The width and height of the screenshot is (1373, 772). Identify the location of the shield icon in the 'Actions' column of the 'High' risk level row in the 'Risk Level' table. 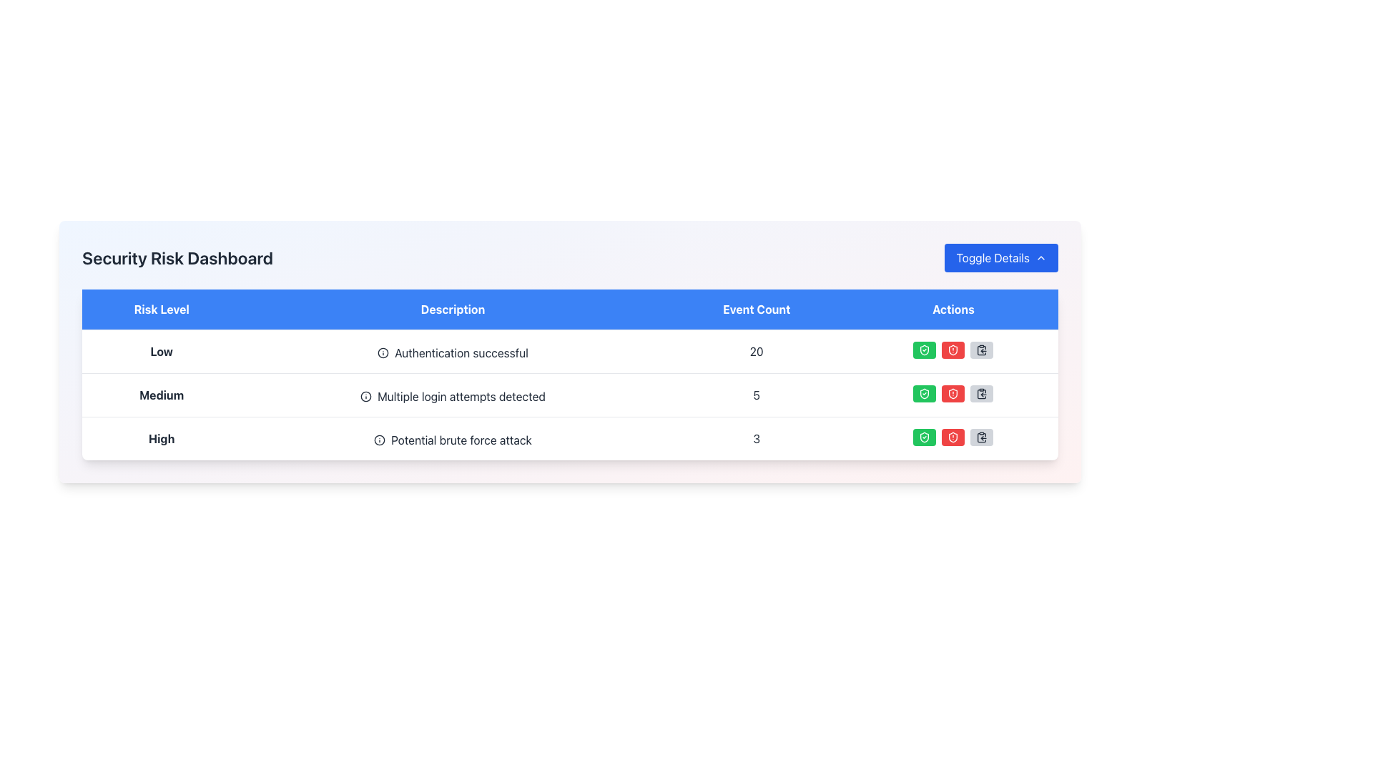
(925, 437).